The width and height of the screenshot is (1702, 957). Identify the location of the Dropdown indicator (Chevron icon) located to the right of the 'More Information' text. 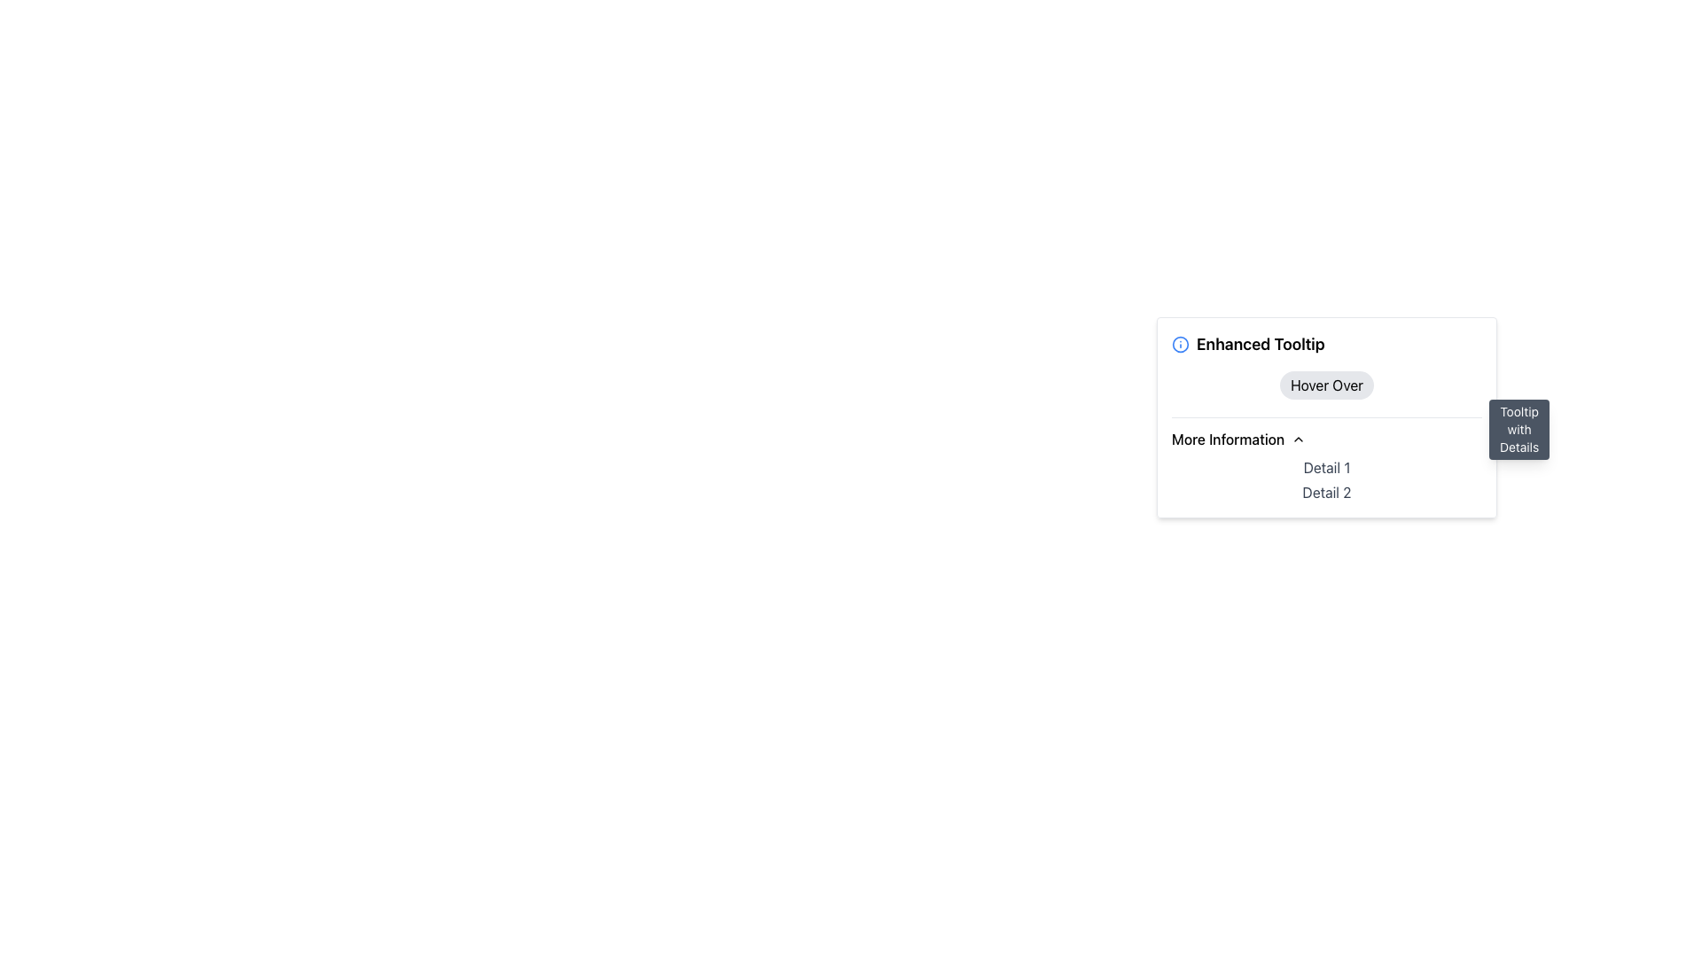
(1299, 439).